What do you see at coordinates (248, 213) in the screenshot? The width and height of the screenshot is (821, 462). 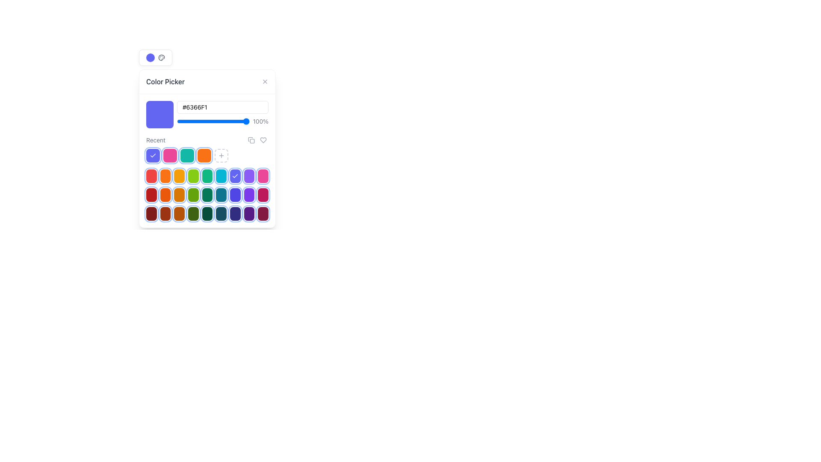 I see `the eighth button with a purple background and rounded corners in the color picker interface` at bounding box center [248, 213].